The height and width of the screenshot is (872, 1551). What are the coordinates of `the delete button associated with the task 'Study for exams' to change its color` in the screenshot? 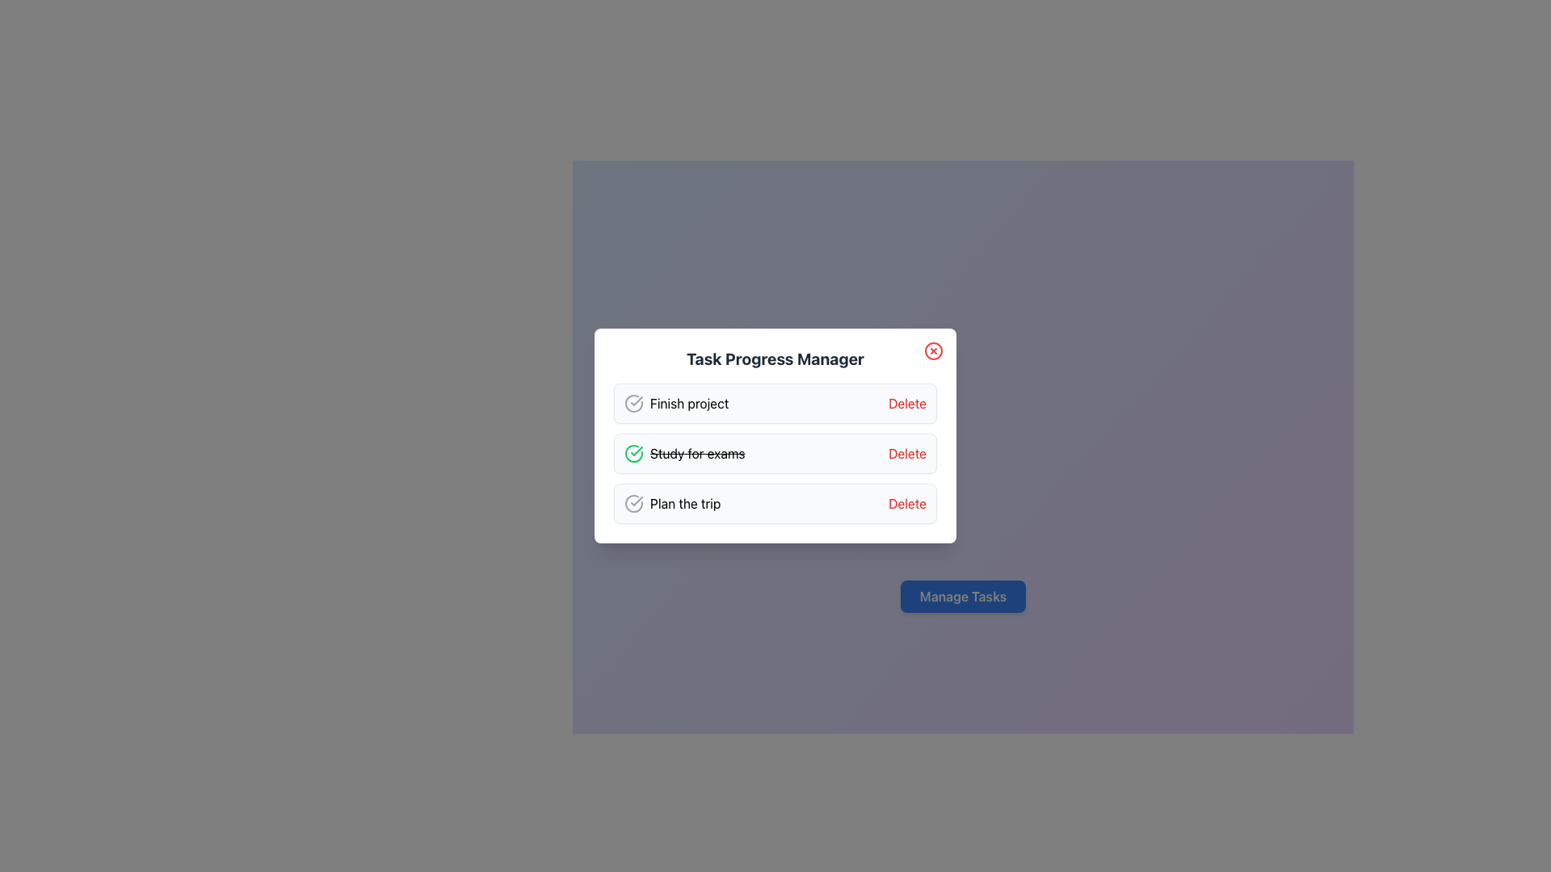 It's located at (907, 454).